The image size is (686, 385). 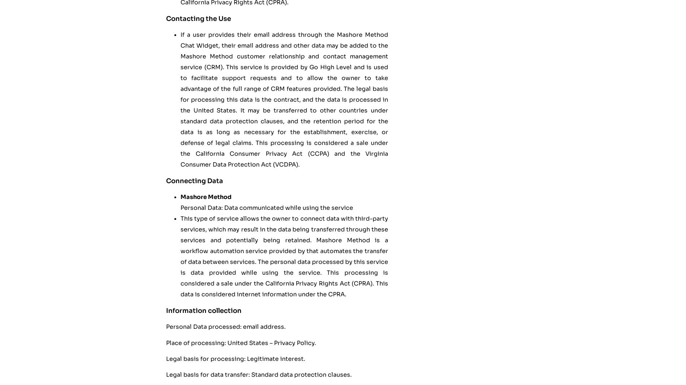 What do you see at coordinates (284, 256) in the screenshot?
I see `'This type of service allows the owner to connect data with third-party services, which may result in the data being transferred through these services and potentially being retained. Mashore Method is a workflow automation service provided by that automates the transfer of data between services. The personal data processed by this service is data provided while using the service. This processing is considered a sale under the California Privacy Rights Act (CPRA). This data is considered internet information under the CPRA.'` at bounding box center [284, 256].